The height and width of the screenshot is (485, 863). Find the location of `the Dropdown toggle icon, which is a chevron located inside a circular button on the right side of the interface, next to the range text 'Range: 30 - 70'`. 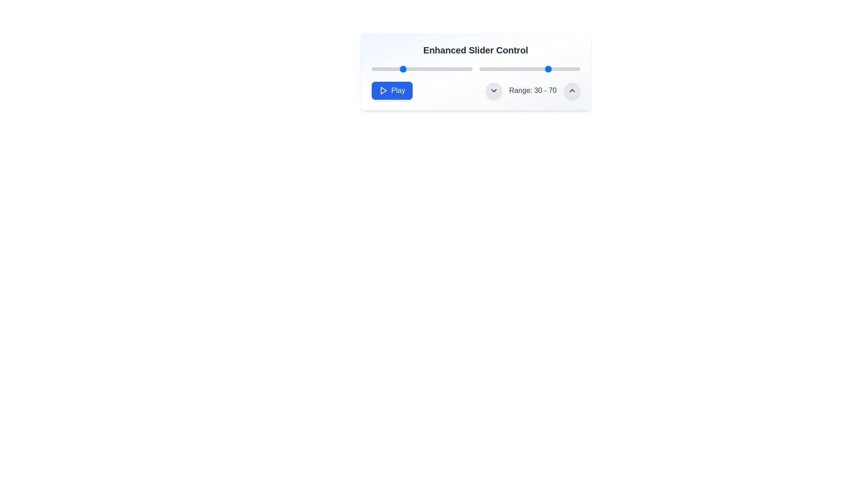

the Dropdown toggle icon, which is a chevron located inside a circular button on the right side of the interface, next to the range text 'Range: 30 - 70' is located at coordinates (493, 90).